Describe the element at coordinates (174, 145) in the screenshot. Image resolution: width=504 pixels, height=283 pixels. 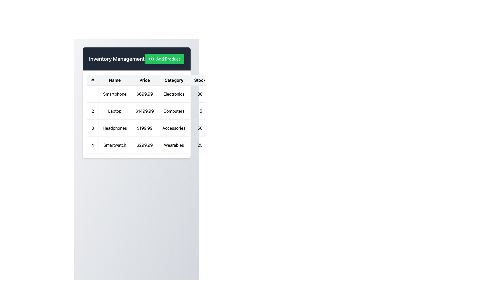
I see `the 'Wearables' category label in the fourth row and third column of the product table, which is a read-only label for the product 'Smartwatch.'` at that location.